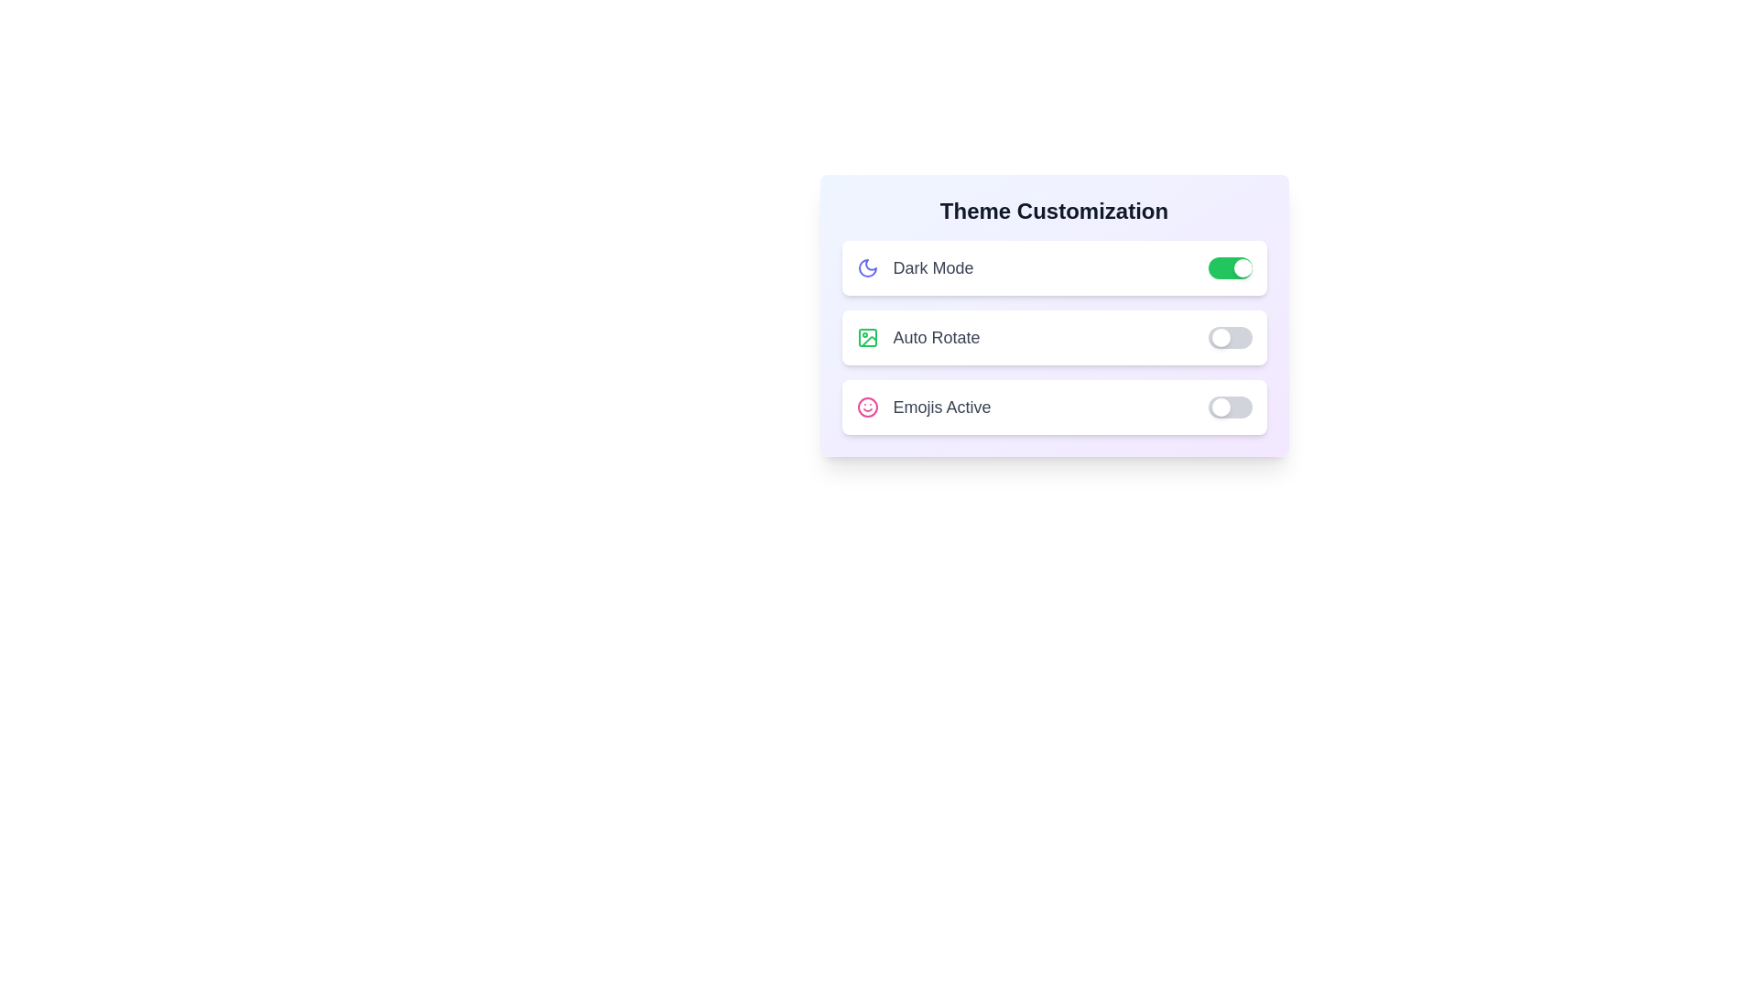 The height and width of the screenshot is (989, 1758). I want to click on the 'Auto Rotate' icon in the 'Theme Customization' section, which is positioned on the left side of the row and aligned with the label 'Auto Rotate', so click(866, 338).